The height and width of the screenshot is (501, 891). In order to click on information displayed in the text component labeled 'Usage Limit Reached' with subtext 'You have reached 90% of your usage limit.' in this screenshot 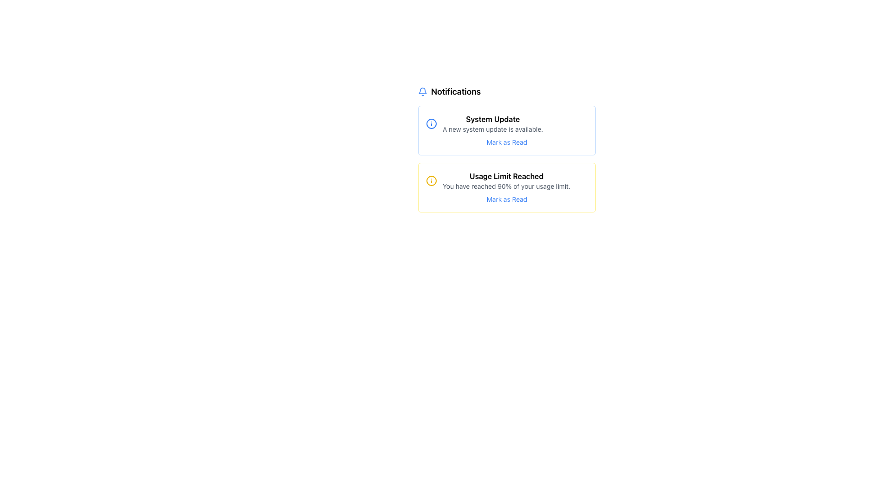, I will do `click(506, 180)`.